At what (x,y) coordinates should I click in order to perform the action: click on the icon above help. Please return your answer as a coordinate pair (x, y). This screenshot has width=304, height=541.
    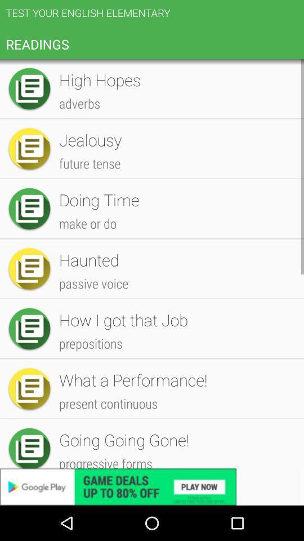
    Looking at the image, I should click on (176, 443).